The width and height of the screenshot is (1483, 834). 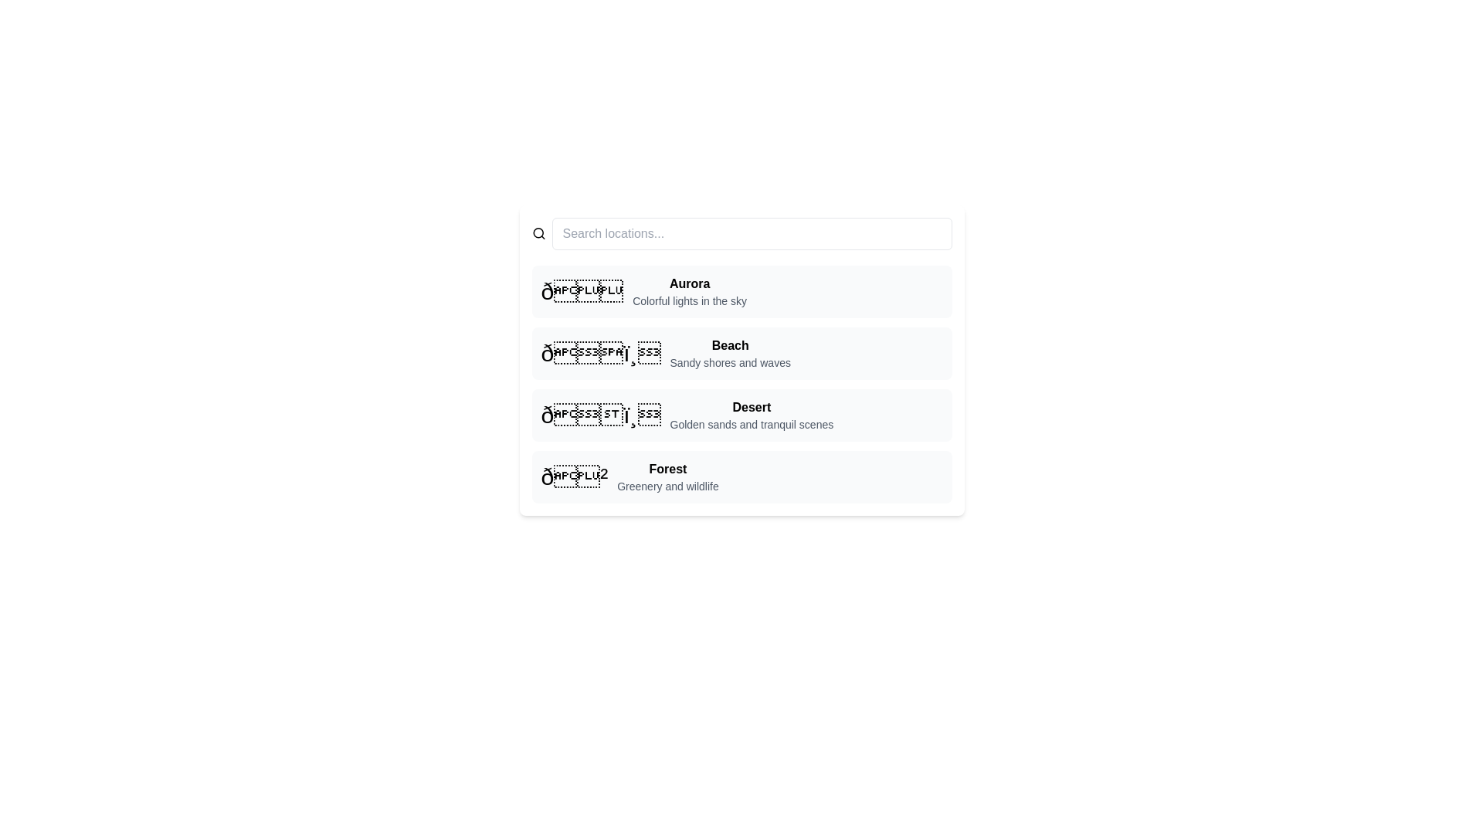 I want to click on the text label that represents a category or item name in the third entry of a vertical list, located above the description 'Golden sands and tranquil scenes', so click(x=752, y=407).